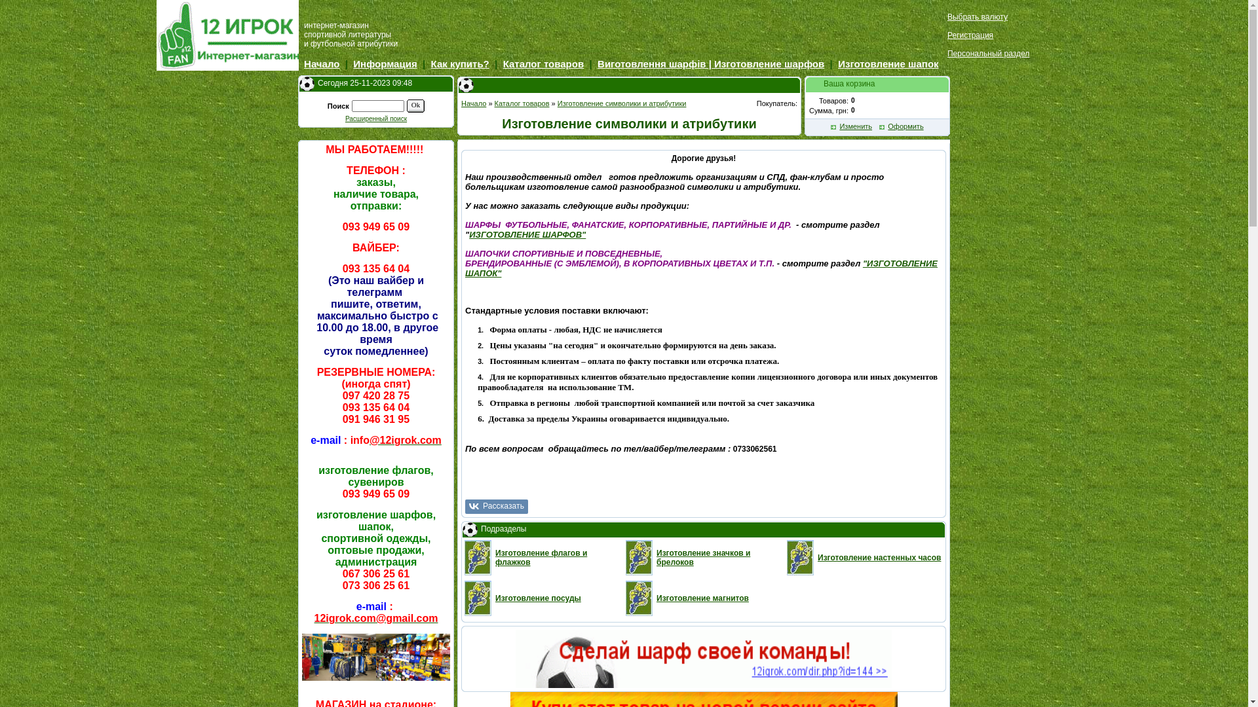 The width and height of the screenshot is (1258, 707). I want to click on '@12igrok.com', so click(405, 441).